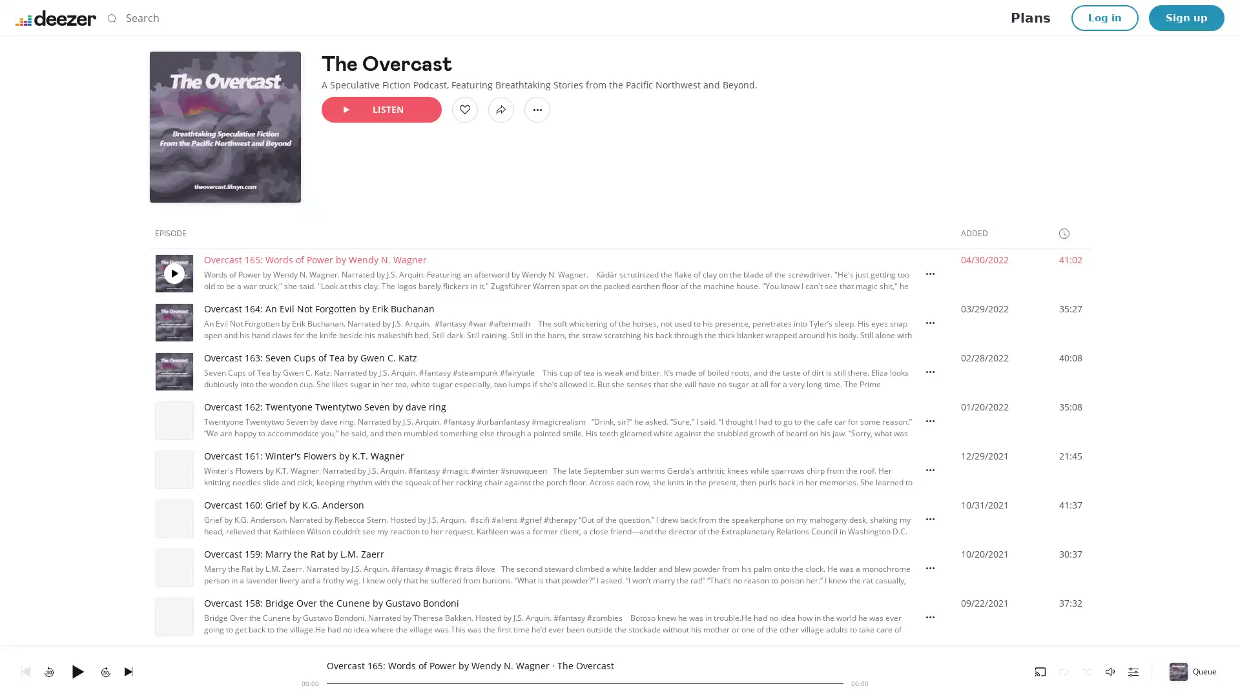 Image resolution: width=1240 pixels, height=697 pixels. I want to click on Play Overcast 164: An Evil Not Forgotten by Erik Buchanan by The Overcast, so click(173, 322).